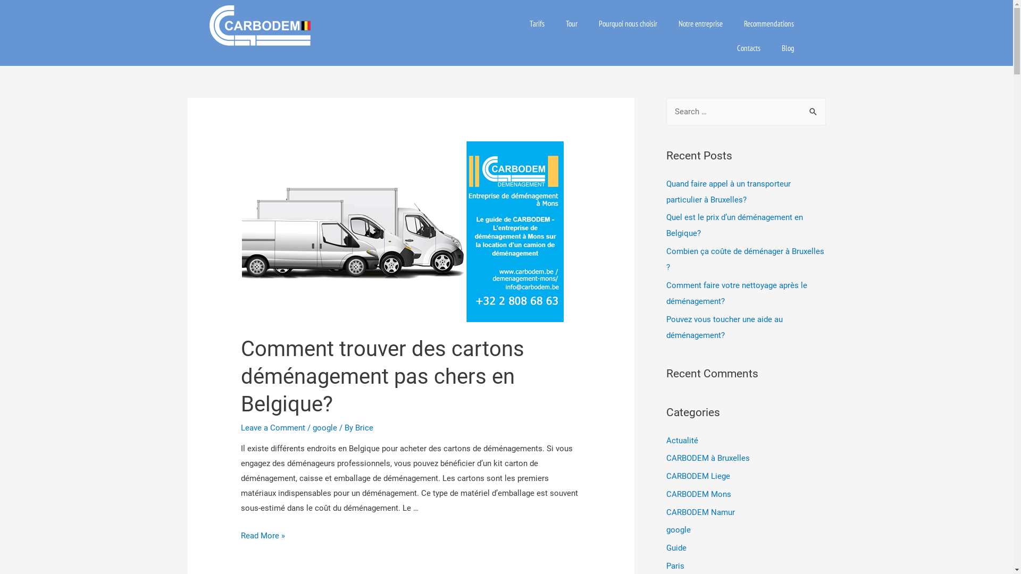 This screenshot has width=1021, height=574. Describe the element at coordinates (537, 24) in the screenshot. I see `'Tarifs'` at that location.